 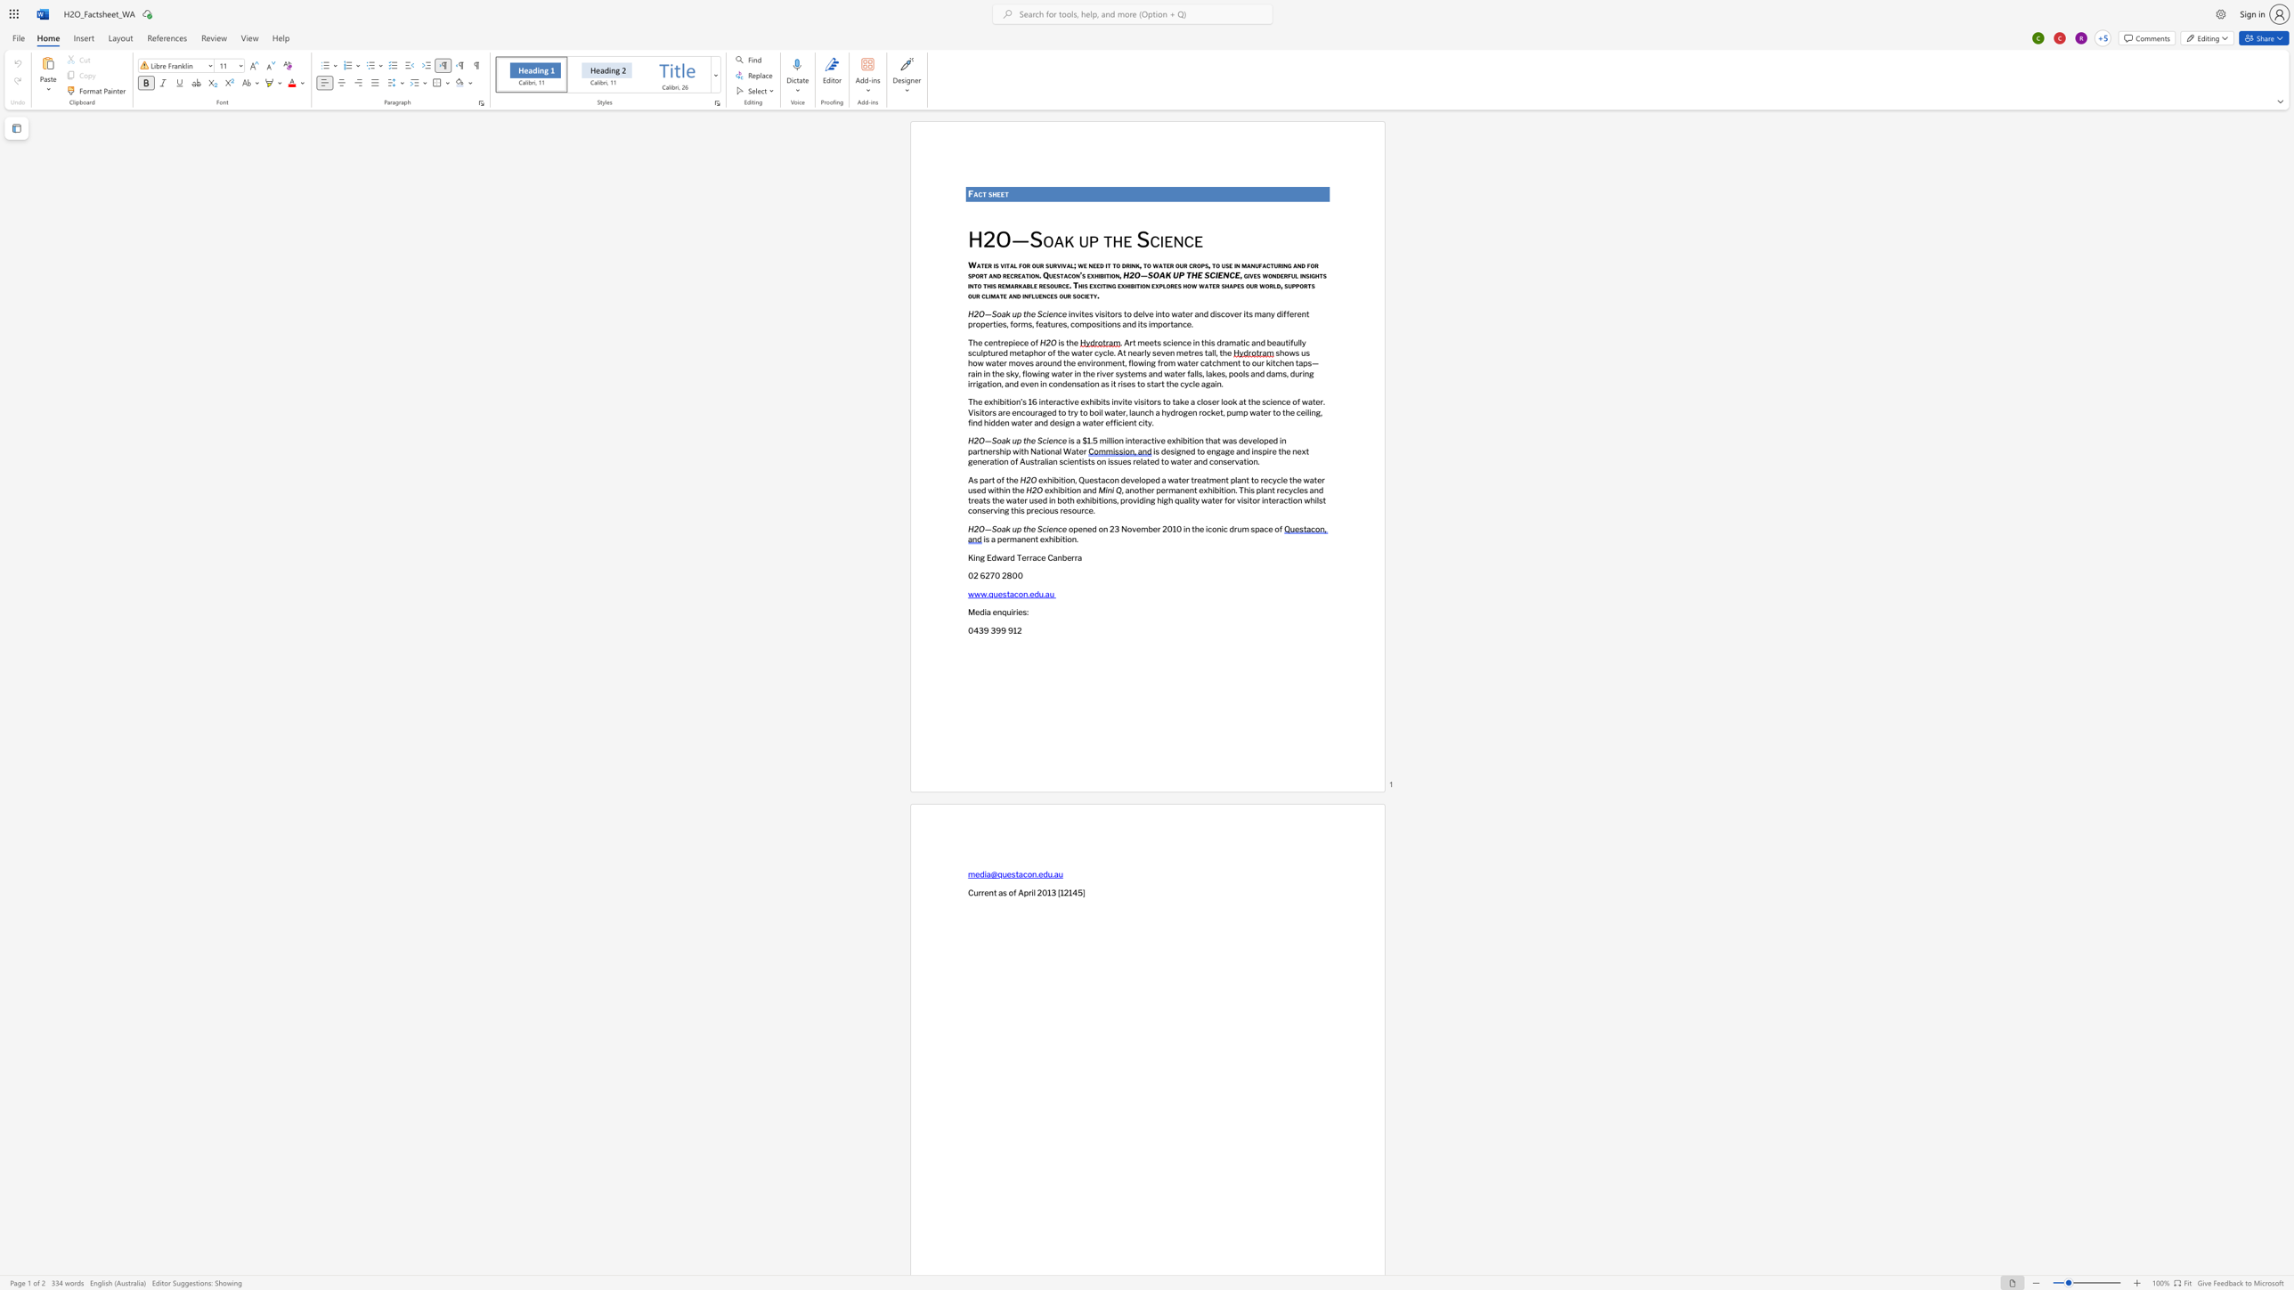 I want to click on the 1th character "t" in the text, so click(x=985, y=194).